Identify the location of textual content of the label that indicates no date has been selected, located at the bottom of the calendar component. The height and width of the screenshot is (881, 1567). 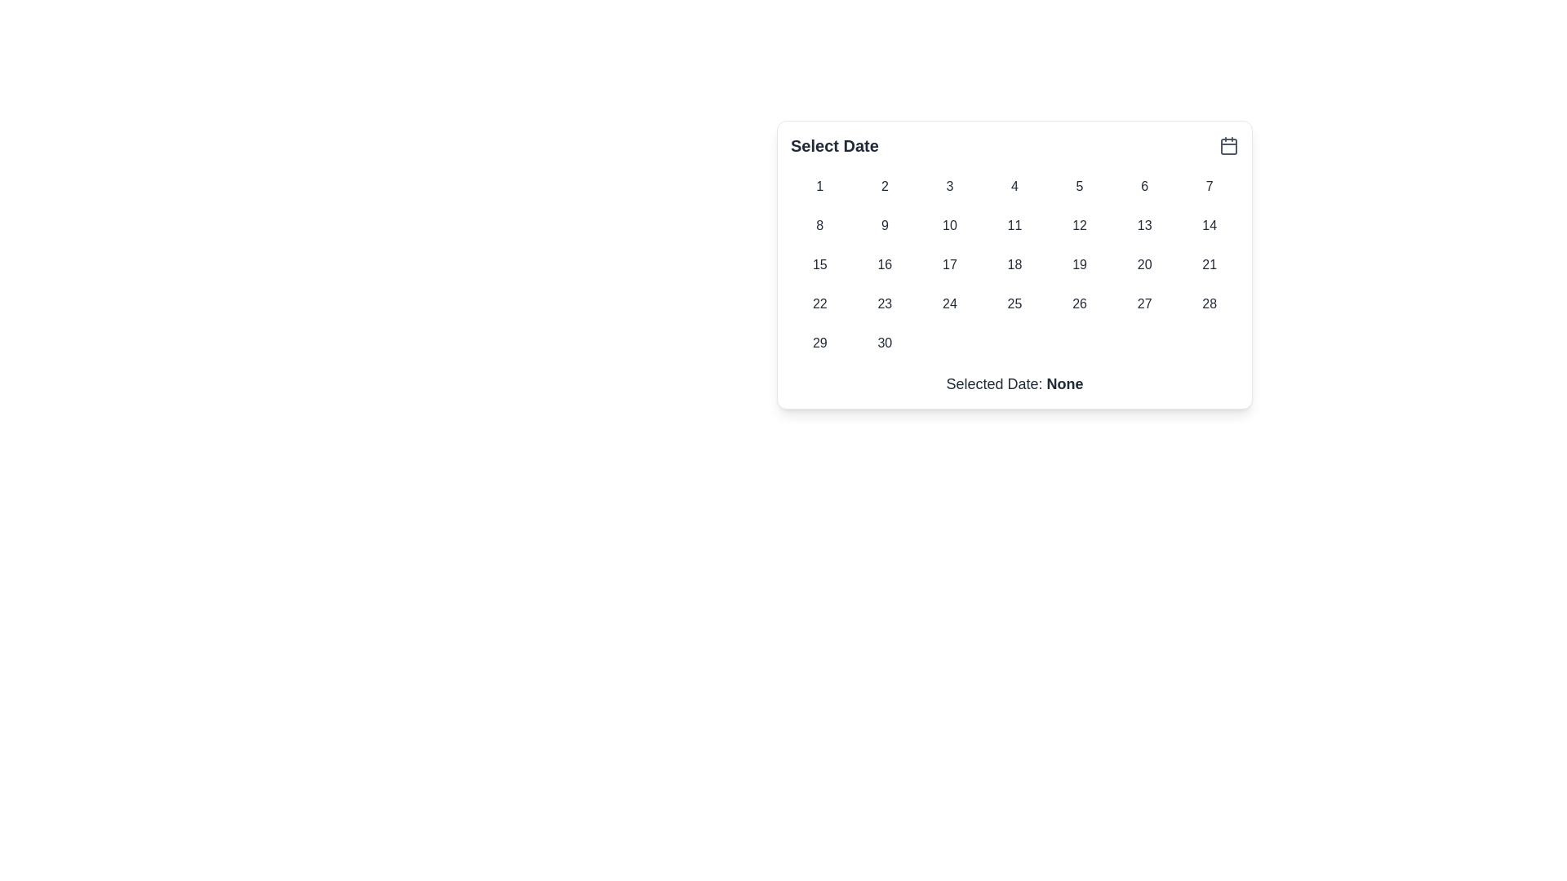
(1014, 383).